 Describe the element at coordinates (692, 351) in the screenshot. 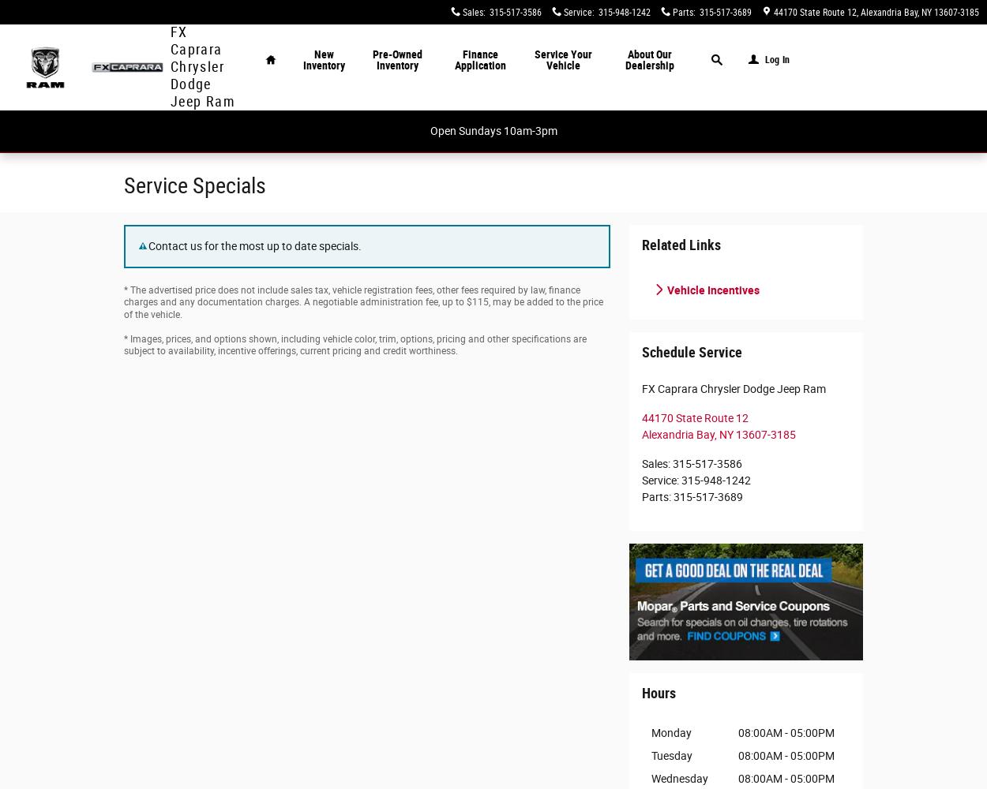

I see `'Schedule Service'` at that location.